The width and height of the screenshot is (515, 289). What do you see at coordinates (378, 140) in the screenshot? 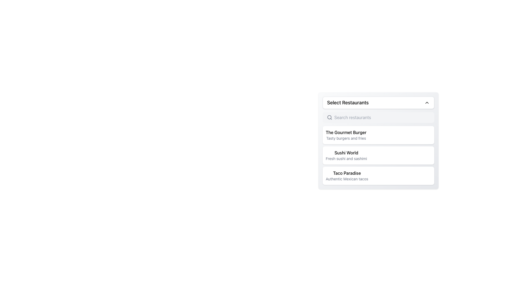
I see `the selectable list item 'The Gourmet Burger' which is the first option in the restaurant selection card` at bounding box center [378, 140].